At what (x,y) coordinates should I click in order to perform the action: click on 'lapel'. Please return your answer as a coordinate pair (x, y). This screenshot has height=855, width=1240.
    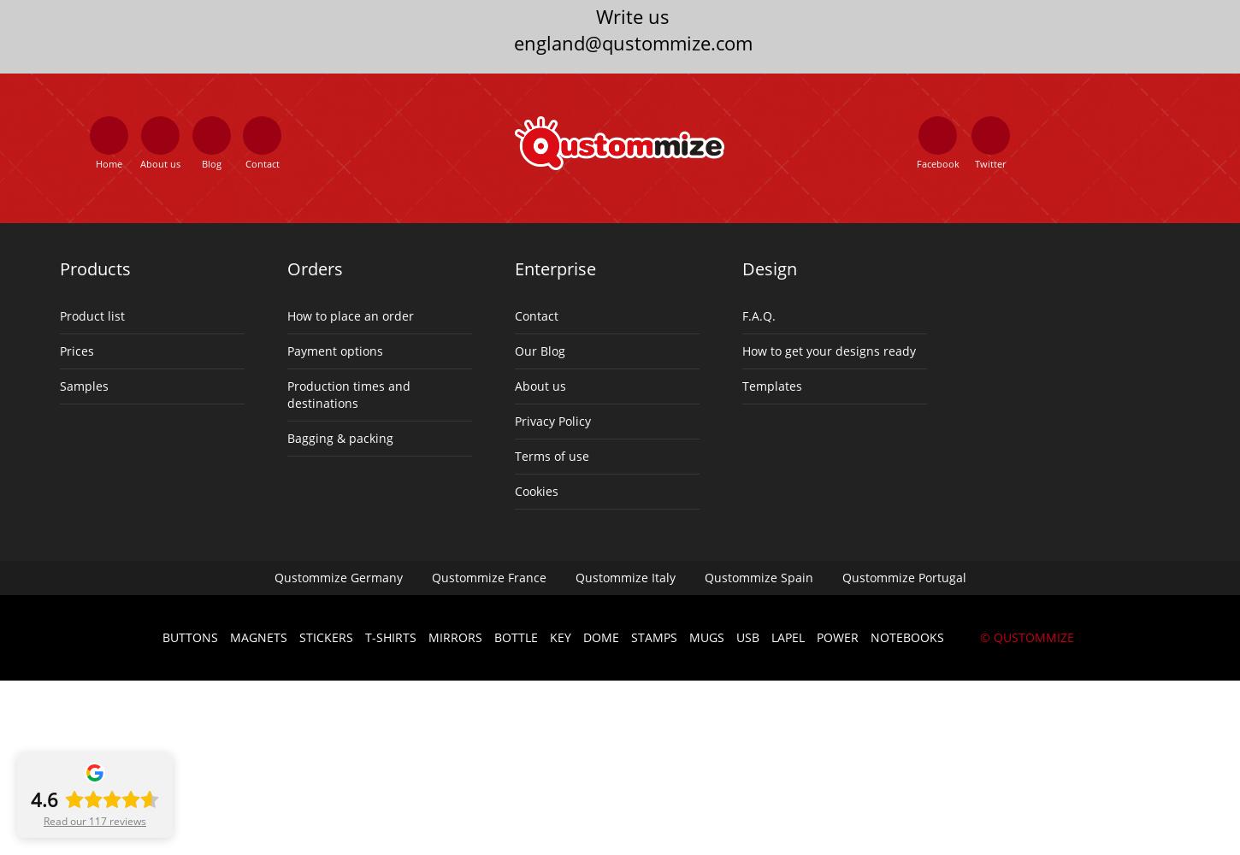
    Looking at the image, I should click on (786, 635).